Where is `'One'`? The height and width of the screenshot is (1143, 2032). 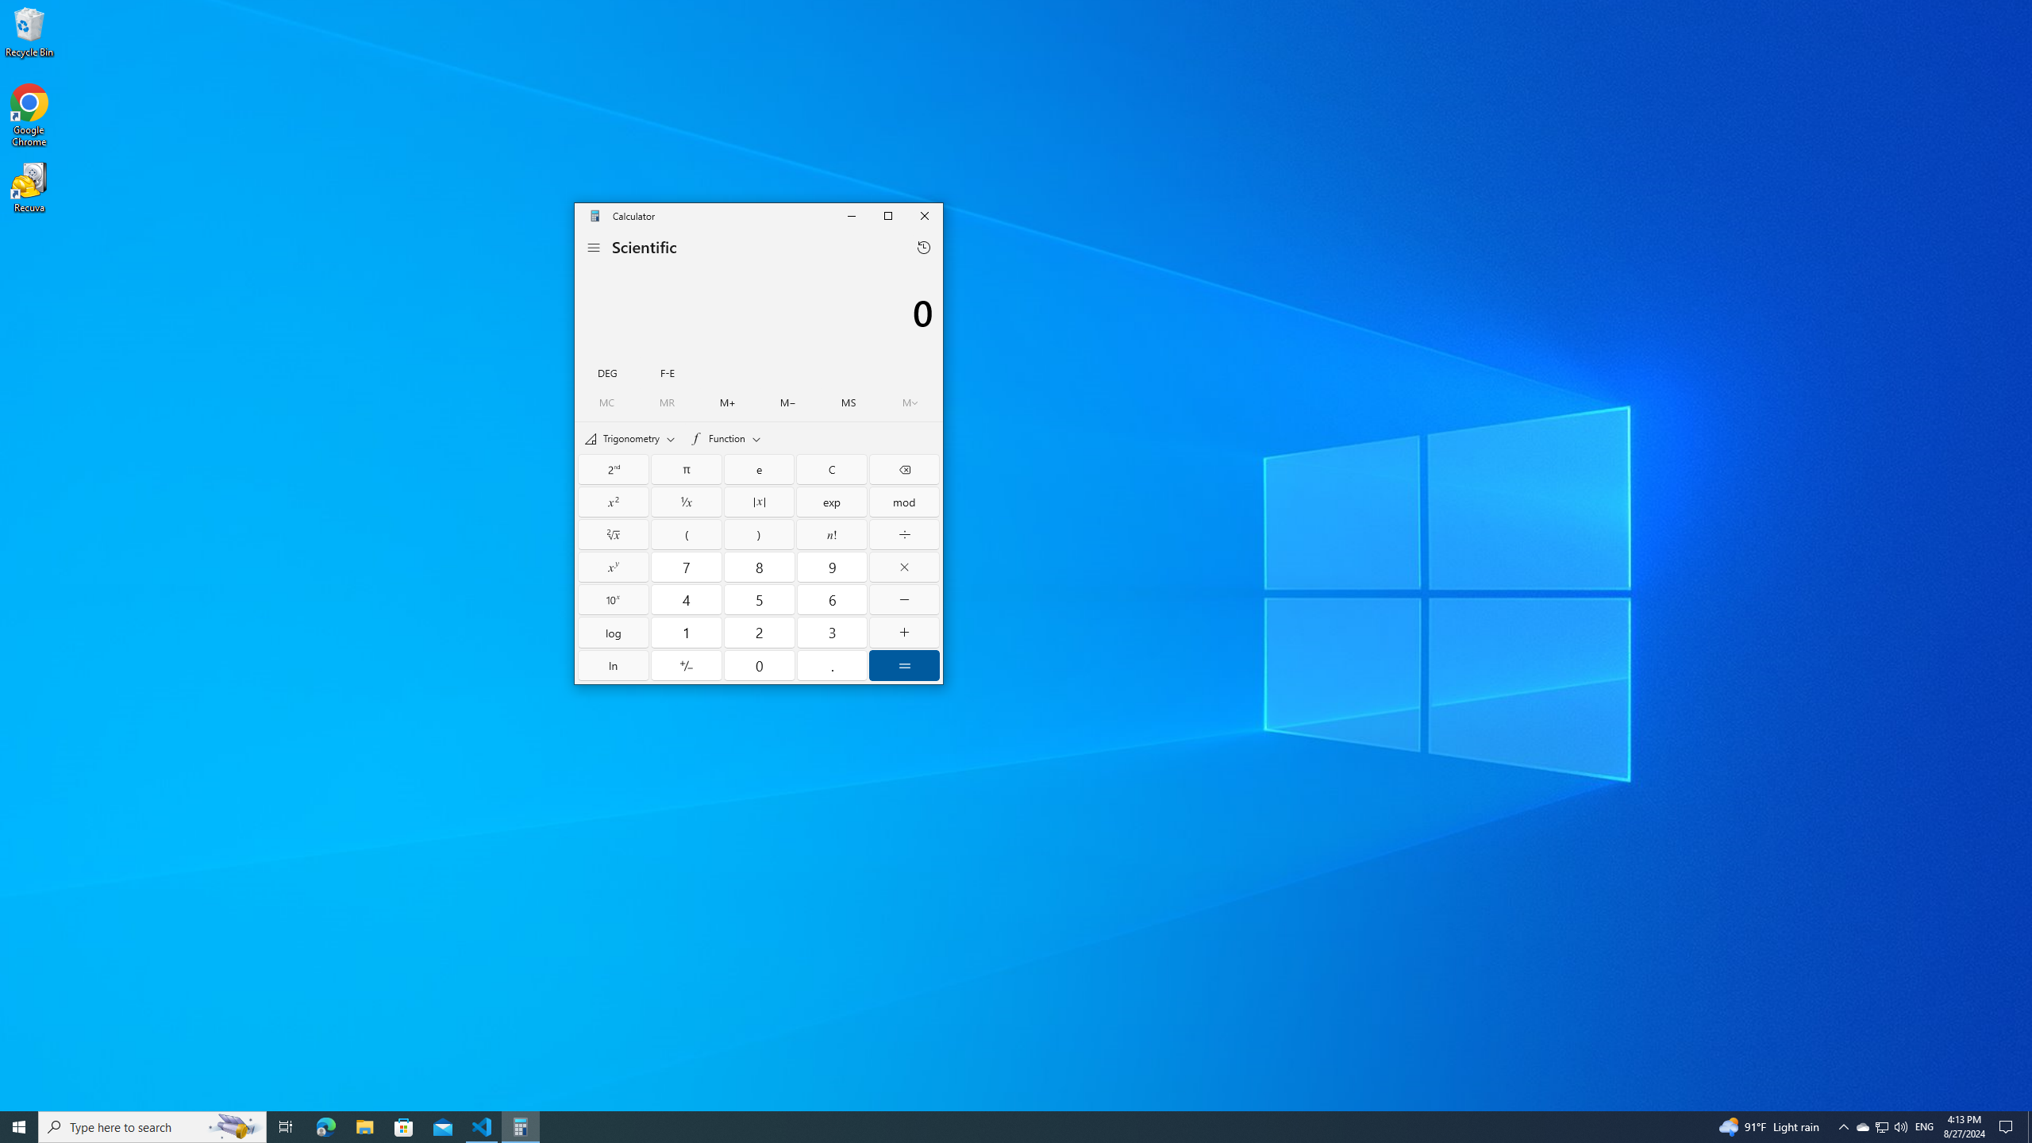 'One' is located at coordinates (686, 632).